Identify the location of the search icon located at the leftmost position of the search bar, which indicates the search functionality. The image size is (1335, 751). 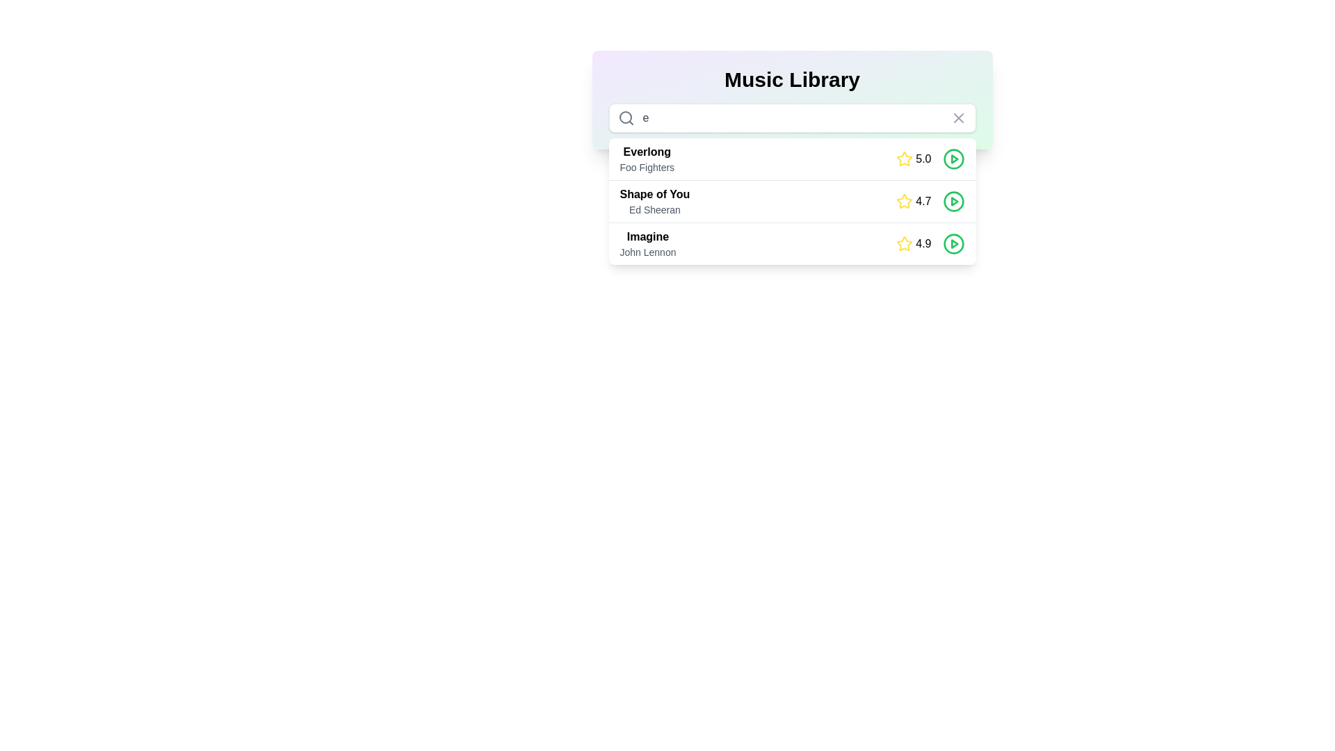
(625, 117).